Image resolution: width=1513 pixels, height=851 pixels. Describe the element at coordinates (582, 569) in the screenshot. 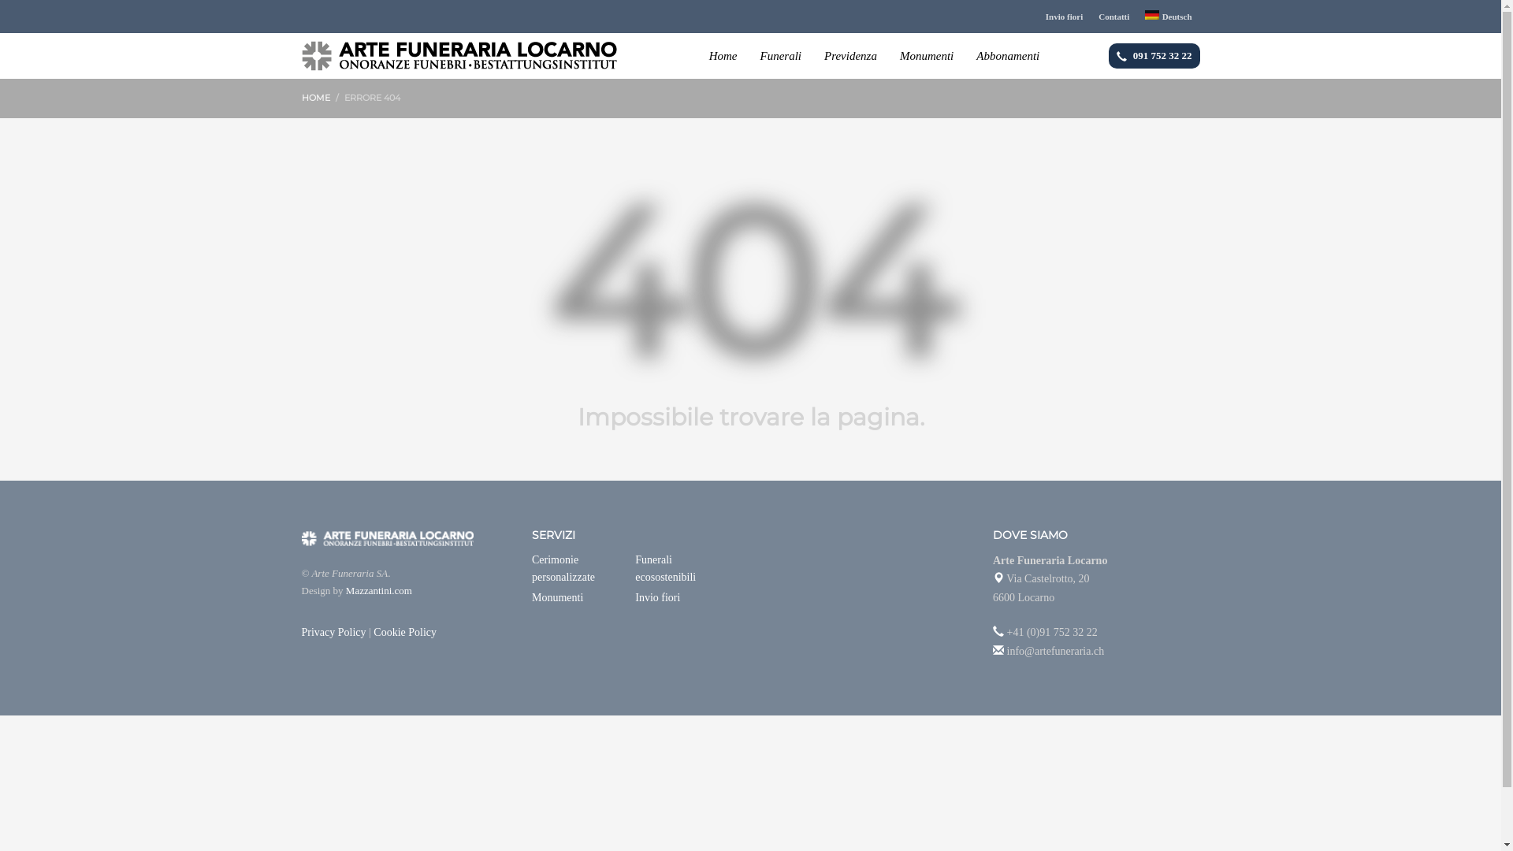

I see `'Cerimonie personalizzate'` at that location.